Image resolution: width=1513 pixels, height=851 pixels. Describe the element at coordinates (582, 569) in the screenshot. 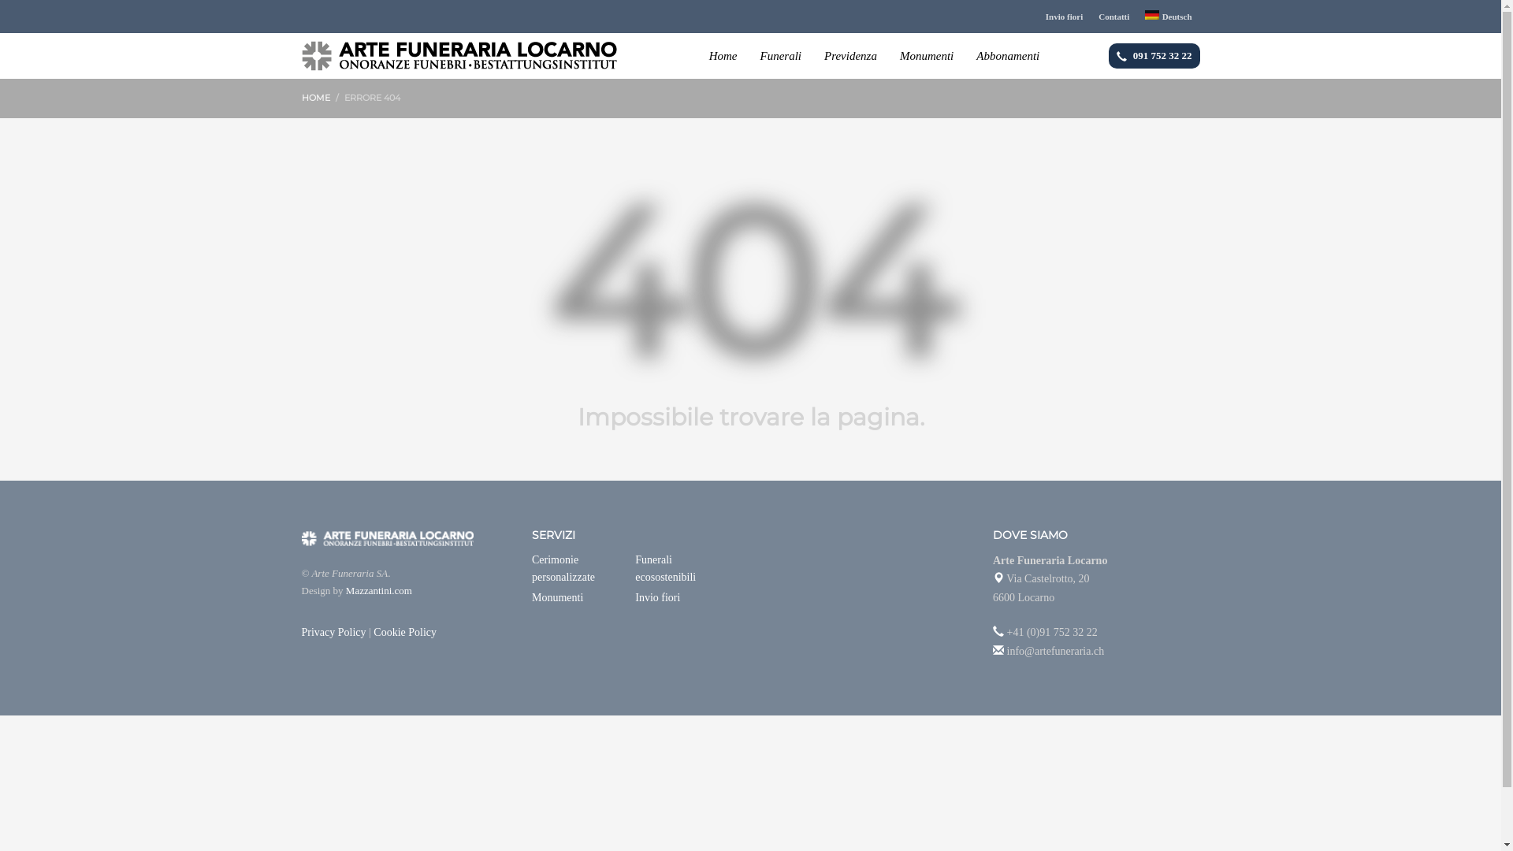

I see `'Cerimonie personalizzate'` at that location.